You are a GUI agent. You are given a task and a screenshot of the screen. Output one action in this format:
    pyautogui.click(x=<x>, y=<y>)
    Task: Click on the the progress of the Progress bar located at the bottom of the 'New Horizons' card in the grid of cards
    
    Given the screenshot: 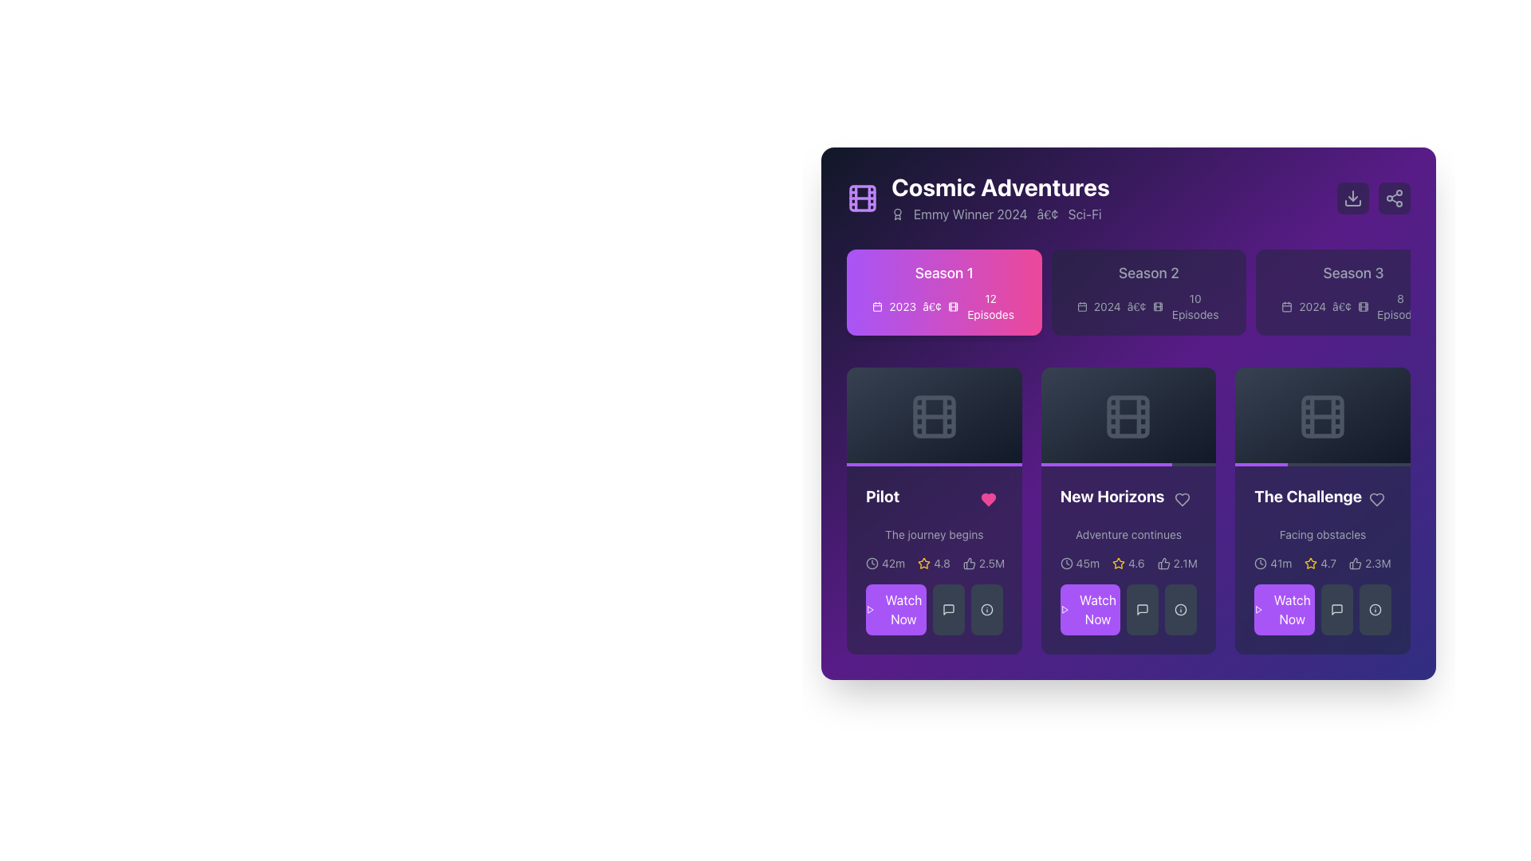 What is the action you would take?
    pyautogui.click(x=1128, y=464)
    